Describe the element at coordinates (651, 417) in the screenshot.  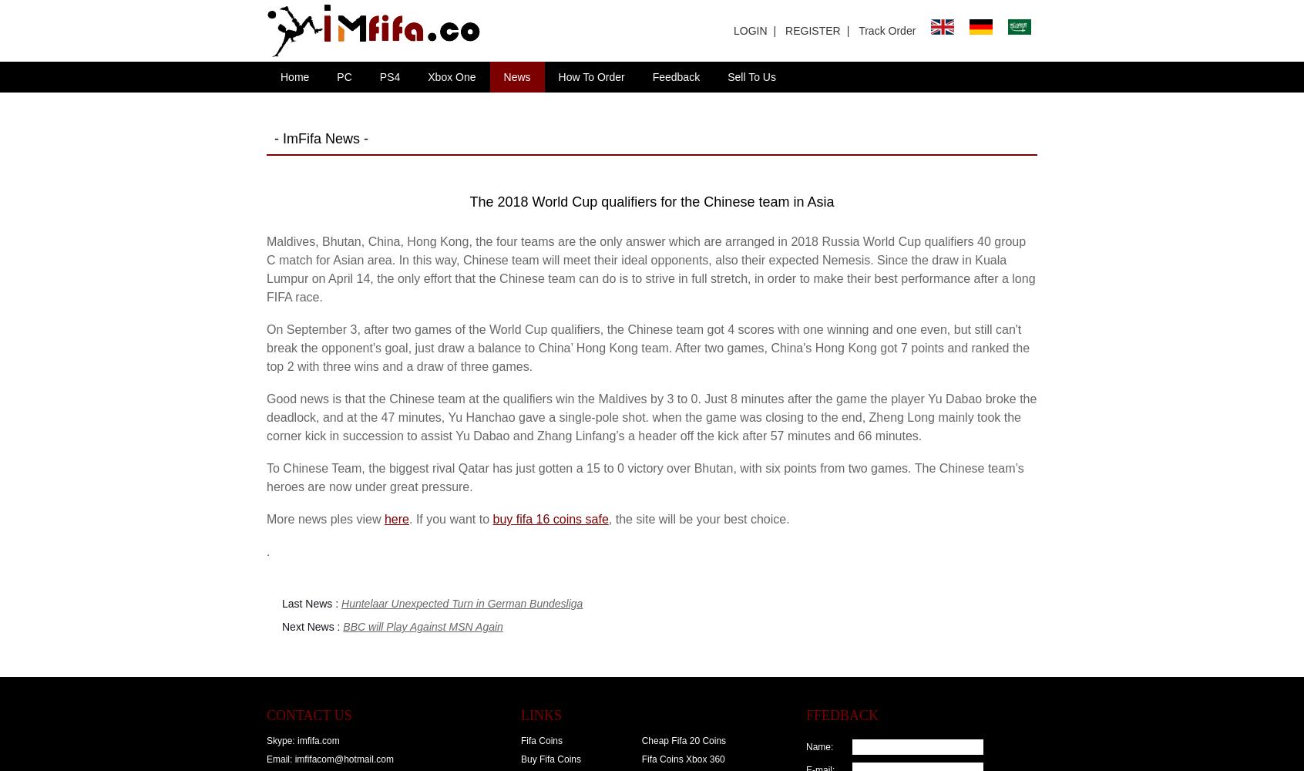
I see `'Good news is that the Chinese team at the qualifiers win the Maldives by 3 to 0. Just 8 minutes after the game the player Yu Dabao broke the deadlock, and at the 47 minutes, Yu Hanchao gave a single-pole shot. when the game was closing to the end, Zheng Long mainly took the corner kick in succession to assist Yu Dabao and Zhang Linfang’s a header off the kick after 57 minutes and 66 minutes.'` at that location.